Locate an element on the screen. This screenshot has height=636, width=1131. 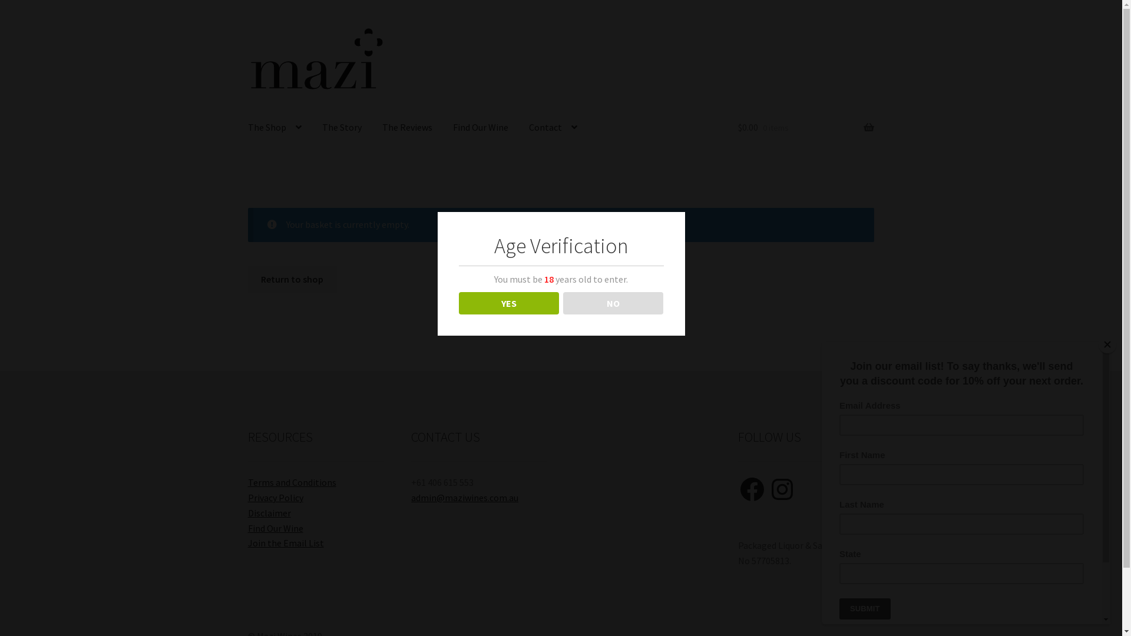
'admin@maziwines.com.au' is located at coordinates (464, 497).